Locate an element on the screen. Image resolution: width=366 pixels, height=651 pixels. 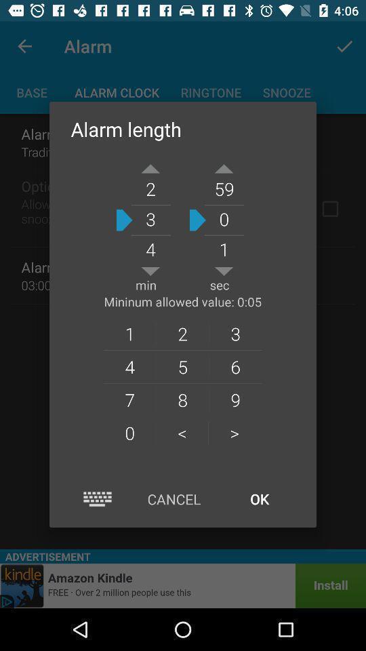
the icon below > is located at coordinates (259, 498).